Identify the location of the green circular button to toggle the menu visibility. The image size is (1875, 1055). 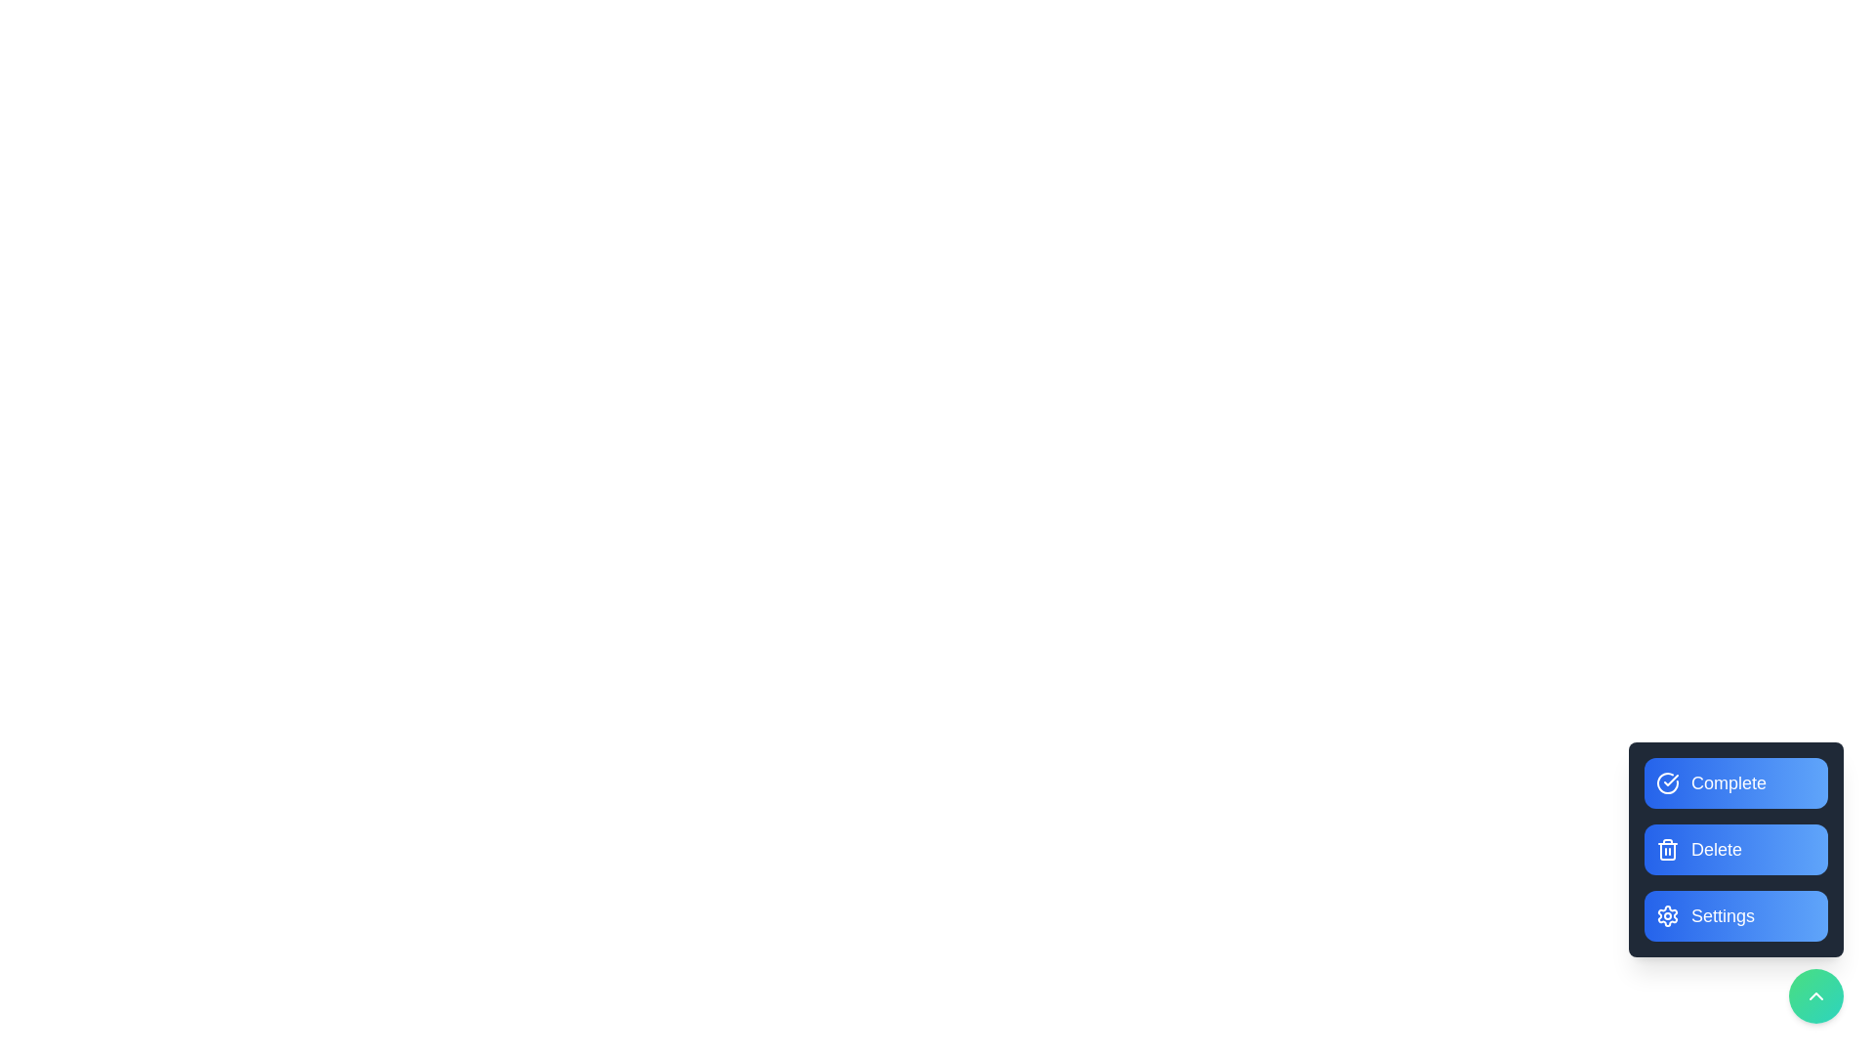
(1815, 995).